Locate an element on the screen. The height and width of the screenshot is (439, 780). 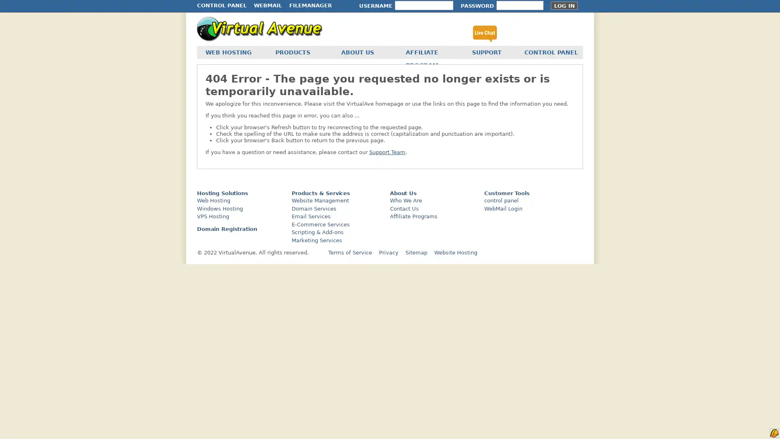
Log In is located at coordinates (563, 6).